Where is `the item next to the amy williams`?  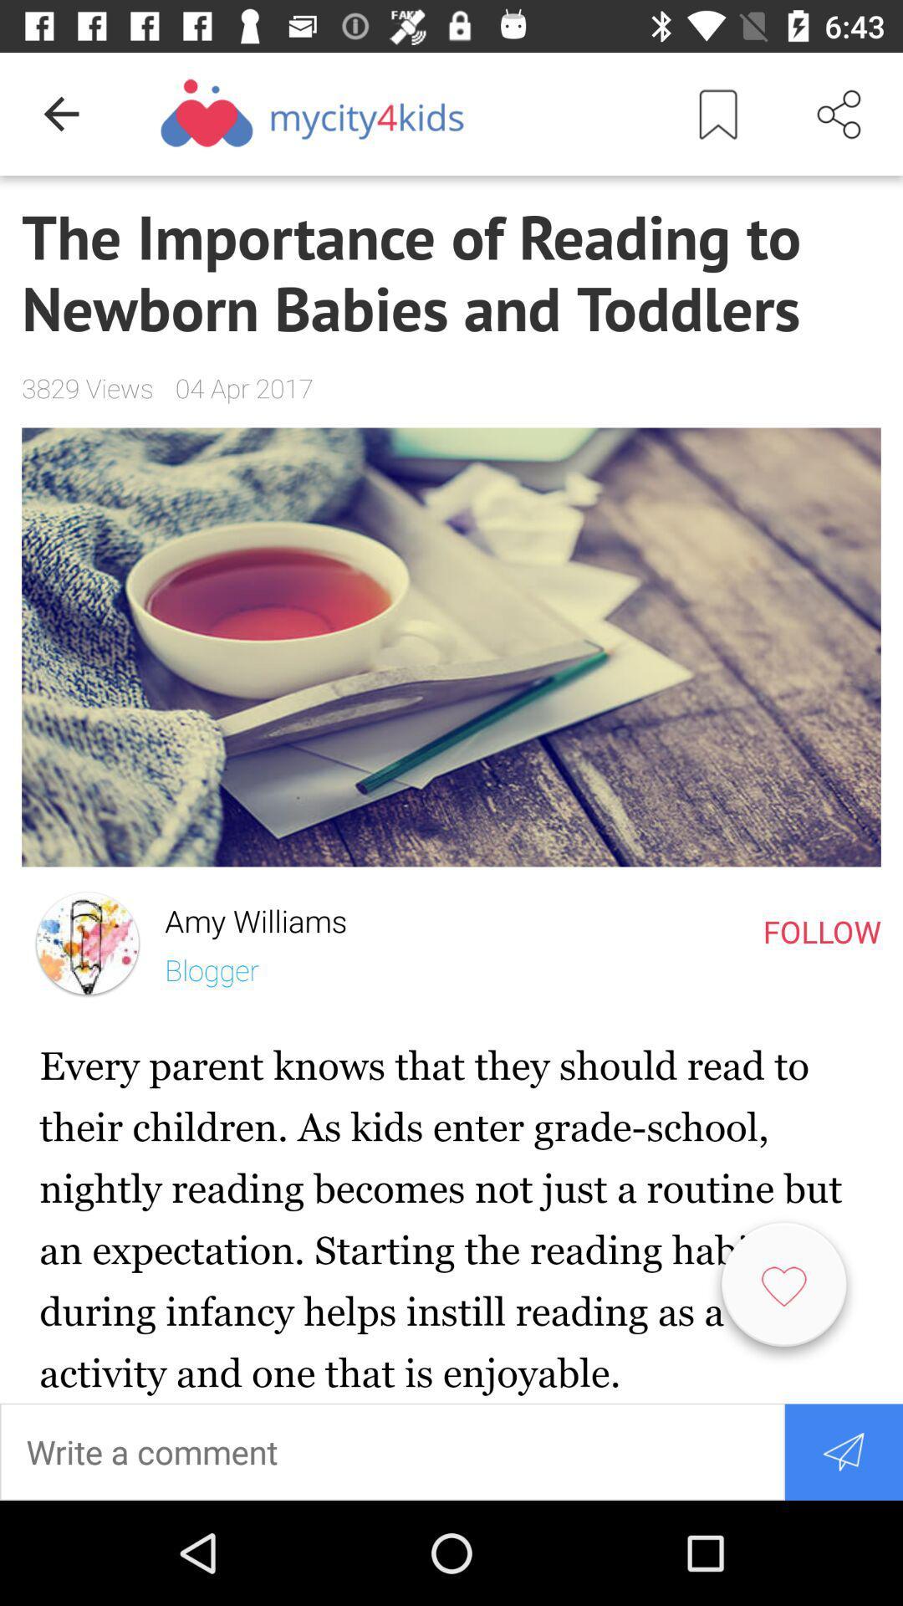
the item next to the amy williams is located at coordinates (88, 944).